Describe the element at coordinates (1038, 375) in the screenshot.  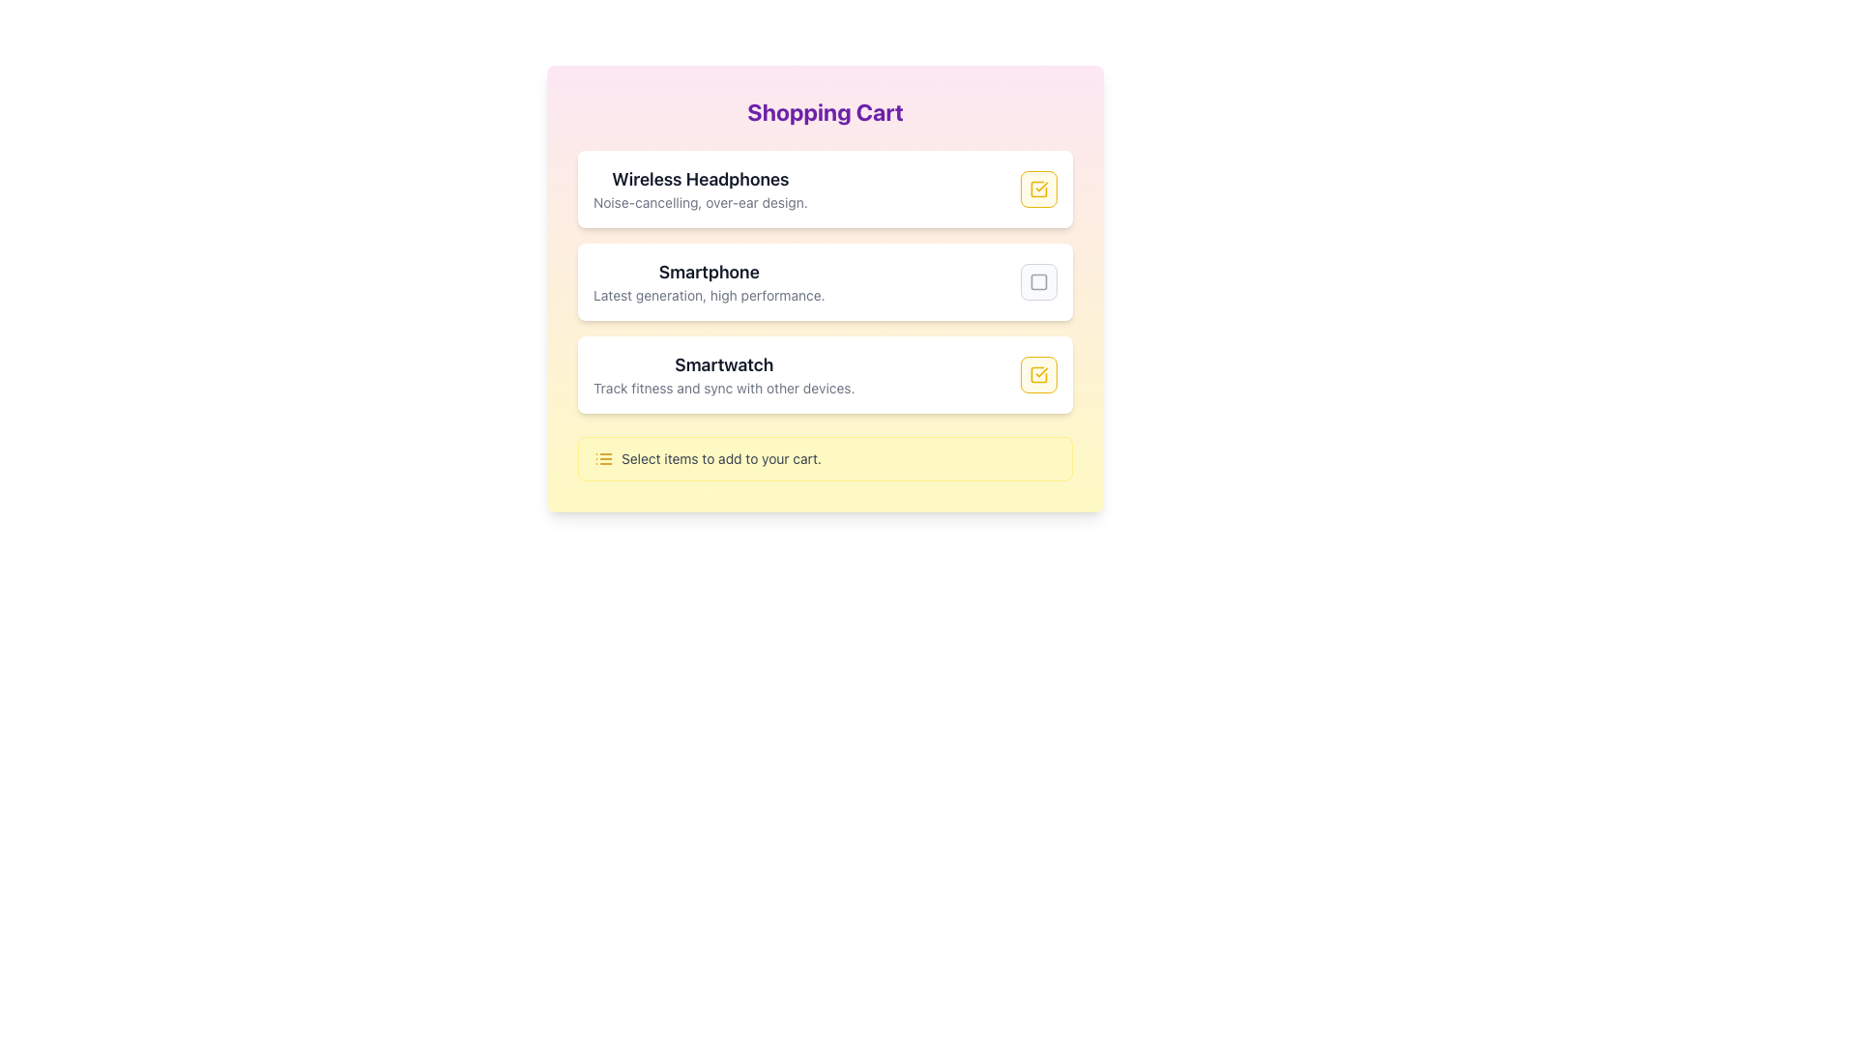
I see `the checkbox with rounded corners and yellow border located in the top-right corner of the 'Smartwatch' panel` at that location.